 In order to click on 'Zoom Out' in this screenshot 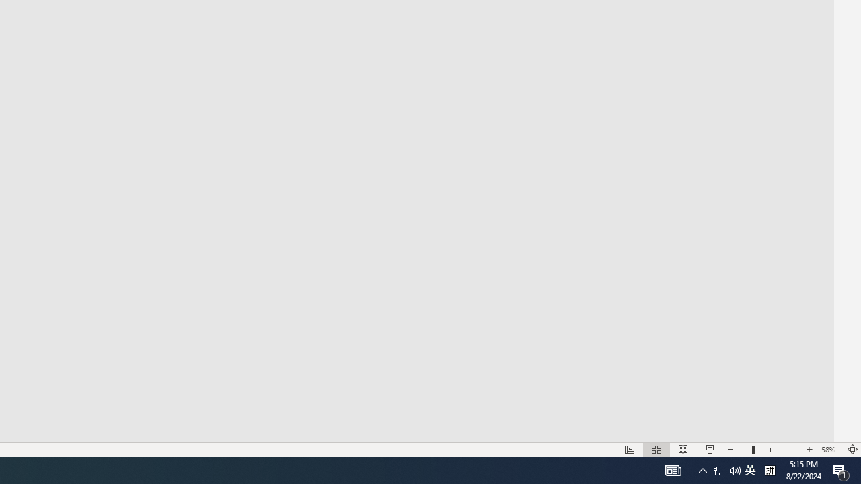, I will do `click(743, 450)`.